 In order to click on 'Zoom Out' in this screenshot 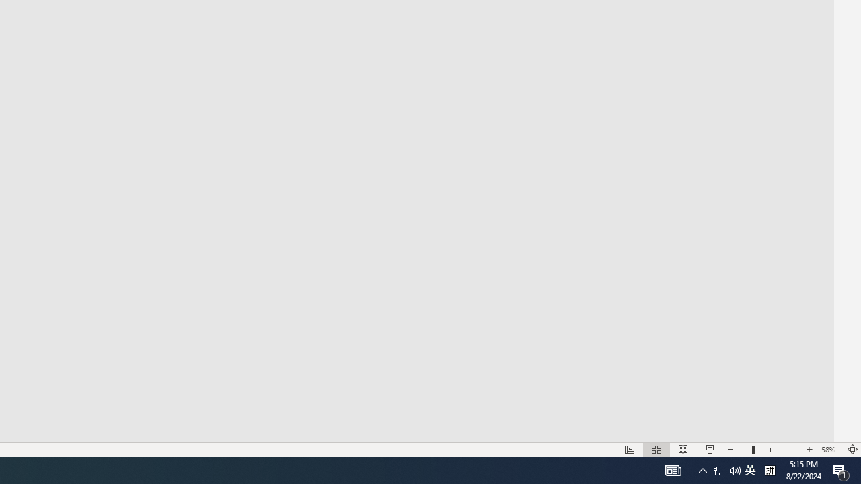, I will do `click(743, 450)`.